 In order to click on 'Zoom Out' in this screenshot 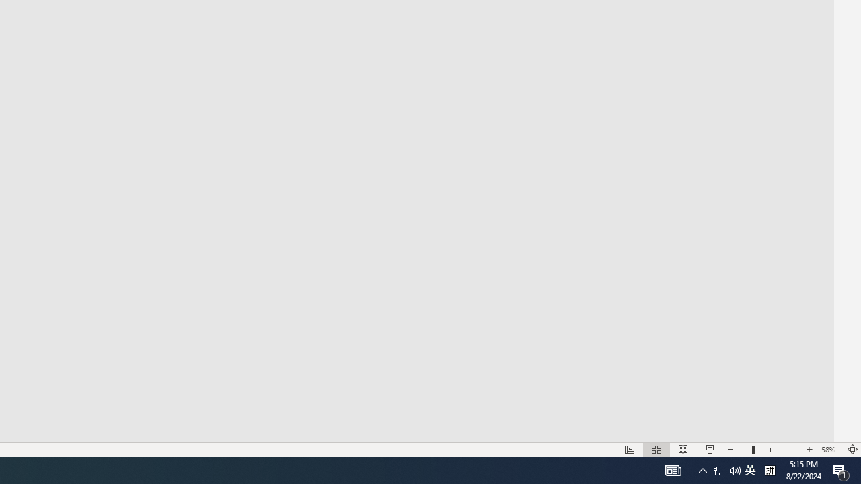, I will do `click(743, 450)`.